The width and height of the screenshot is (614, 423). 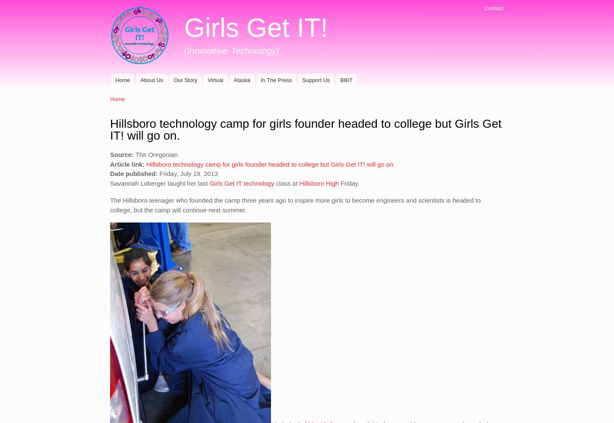 I want to click on 'Alaska', so click(x=241, y=80).